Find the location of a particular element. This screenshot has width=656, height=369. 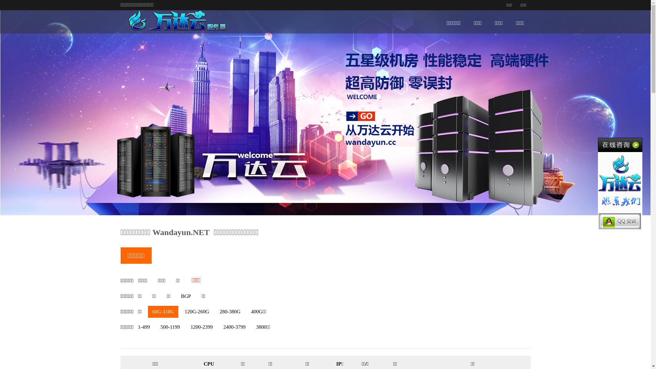

'120G-260G' is located at coordinates (196, 312).